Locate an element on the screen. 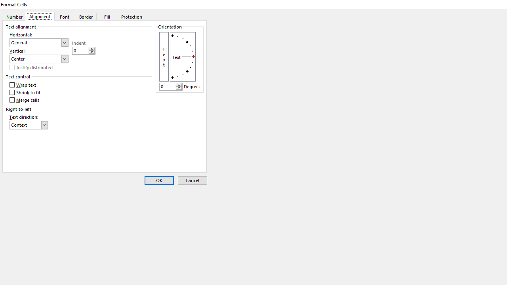 The width and height of the screenshot is (507, 285). 'Border' is located at coordinates (86, 16).